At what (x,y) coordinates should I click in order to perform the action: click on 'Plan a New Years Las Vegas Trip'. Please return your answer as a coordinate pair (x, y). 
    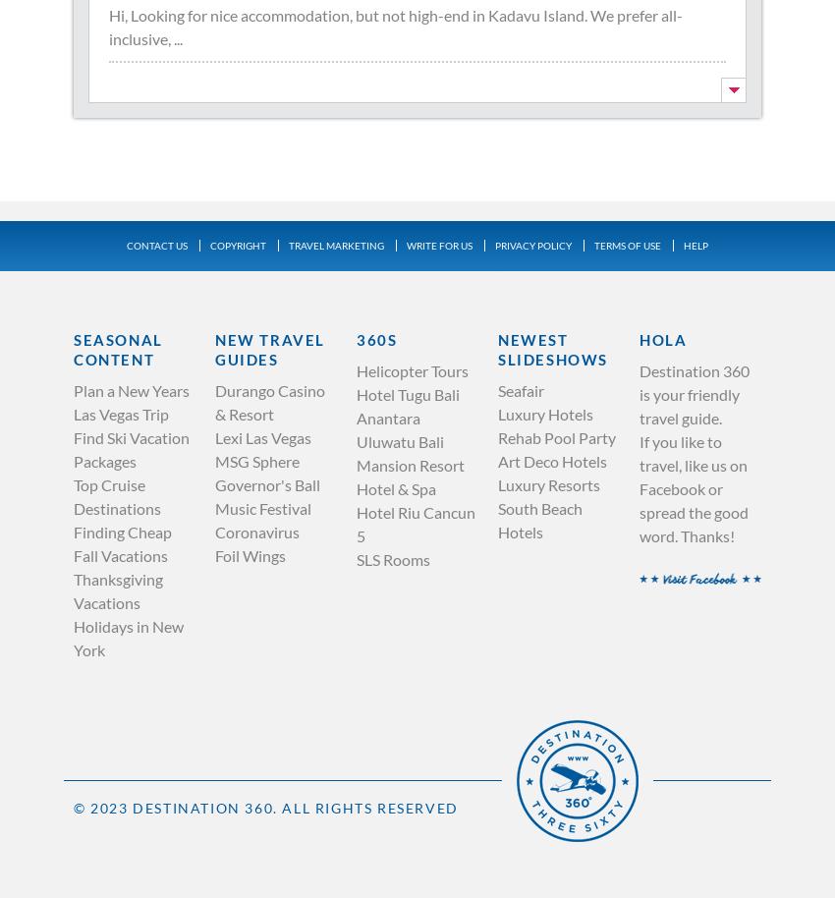
    Looking at the image, I should click on (131, 401).